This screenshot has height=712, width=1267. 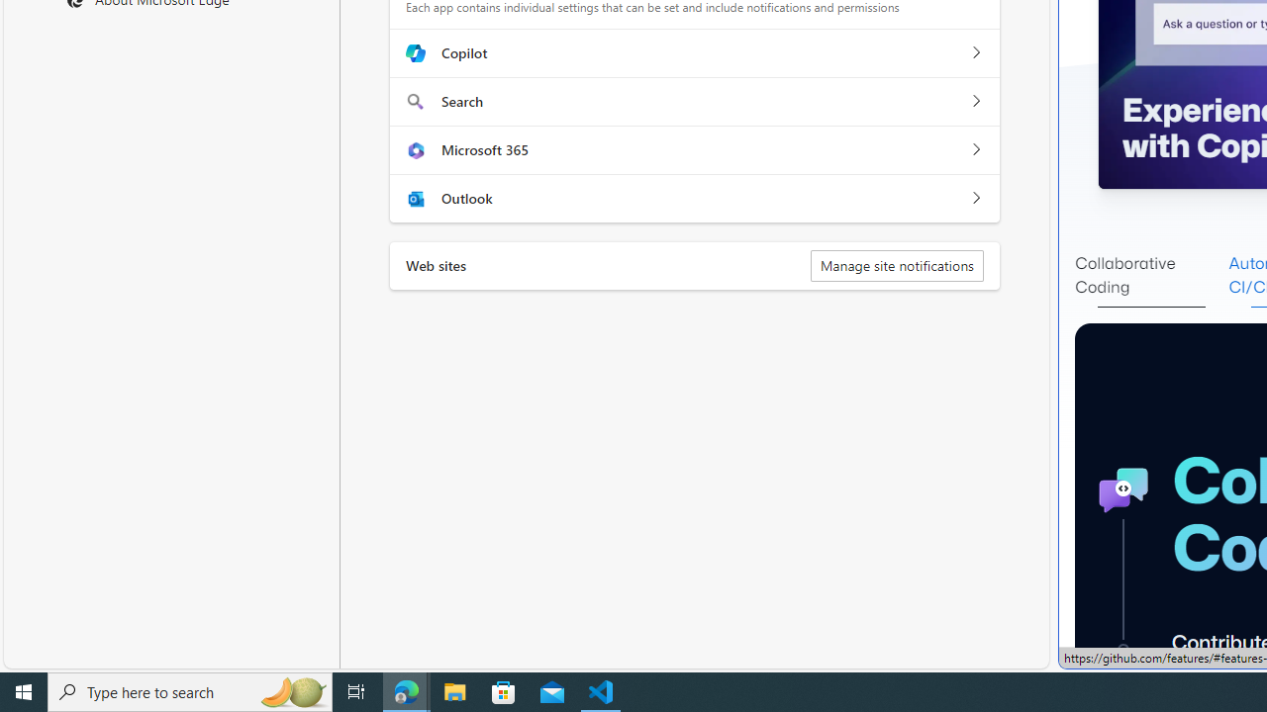 I want to click on 'Manage site notifications', so click(x=896, y=264).